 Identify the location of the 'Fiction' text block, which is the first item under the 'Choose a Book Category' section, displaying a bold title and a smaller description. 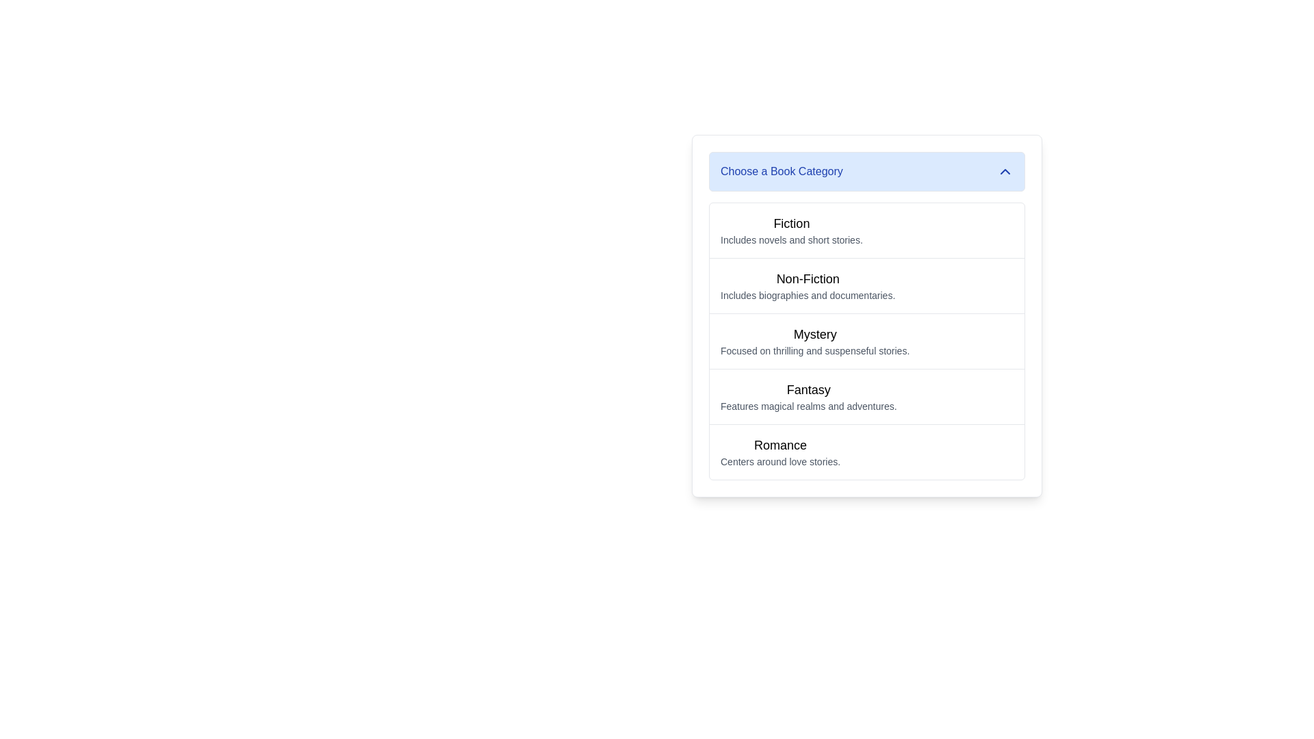
(791, 229).